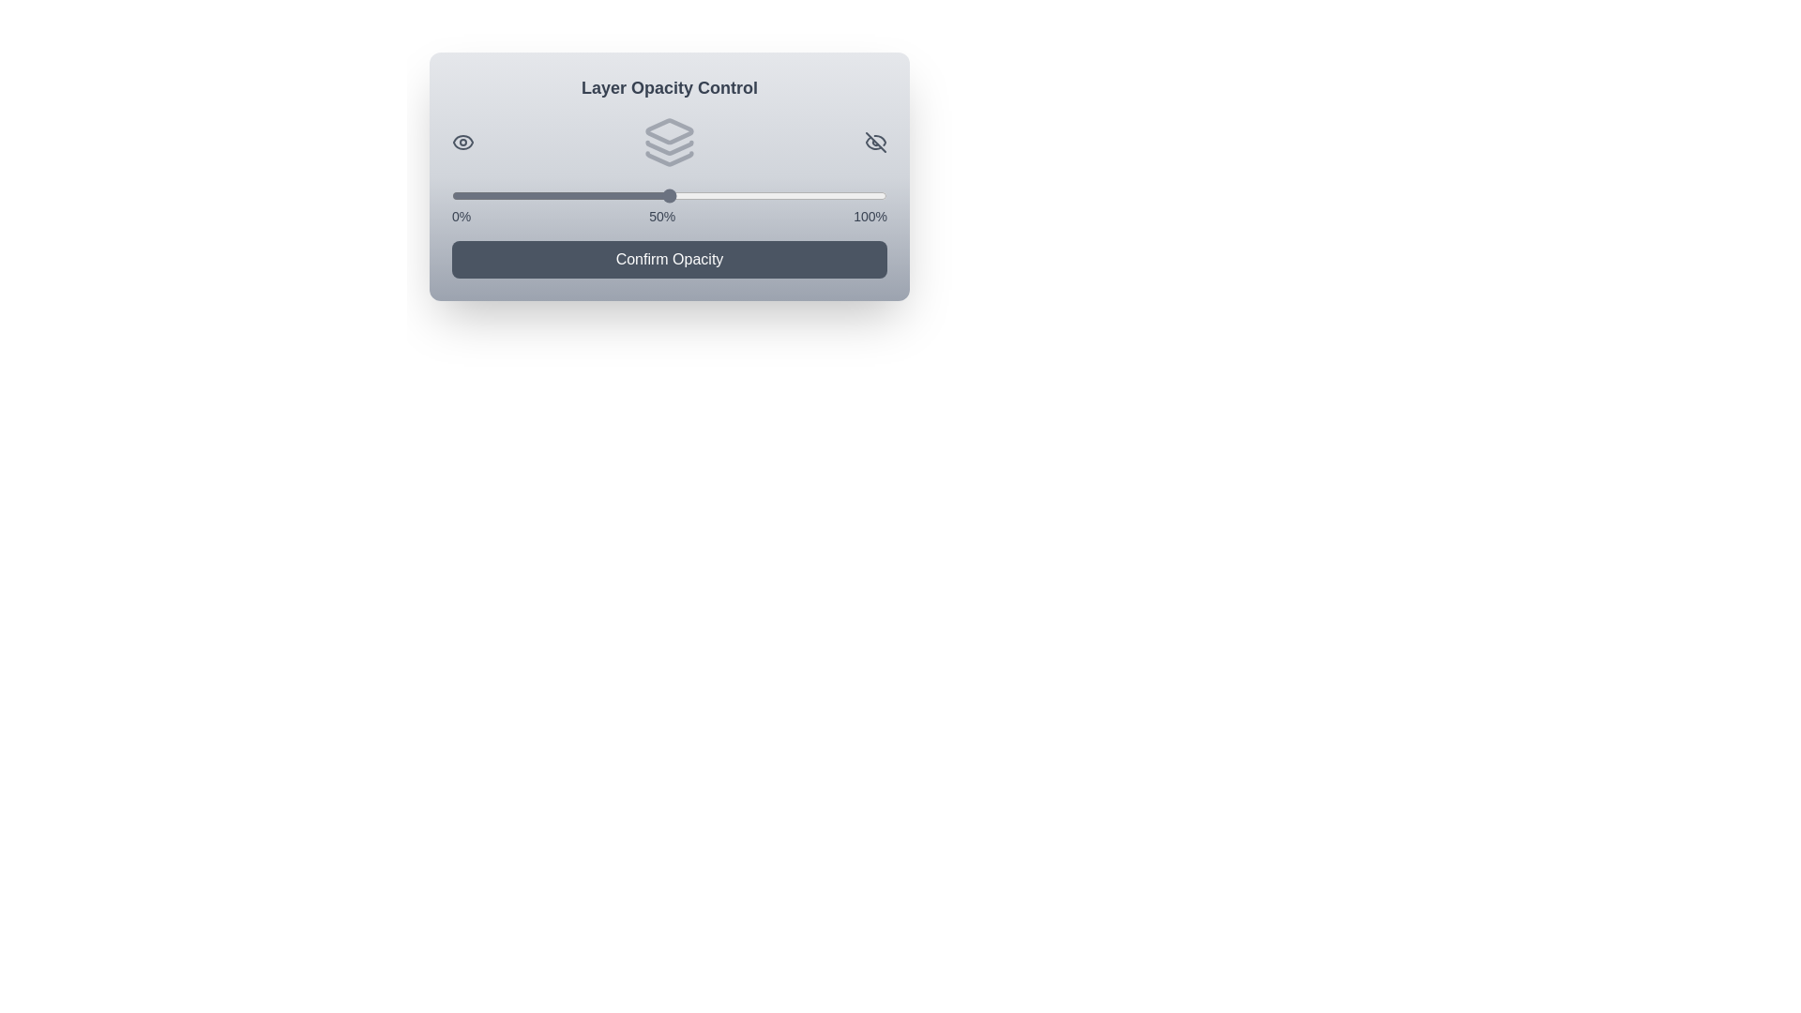 The image size is (1801, 1013). Describe the element at coordinates (670, 141) in the screenshot. I see `the Layers icon to interact with it` at that location.